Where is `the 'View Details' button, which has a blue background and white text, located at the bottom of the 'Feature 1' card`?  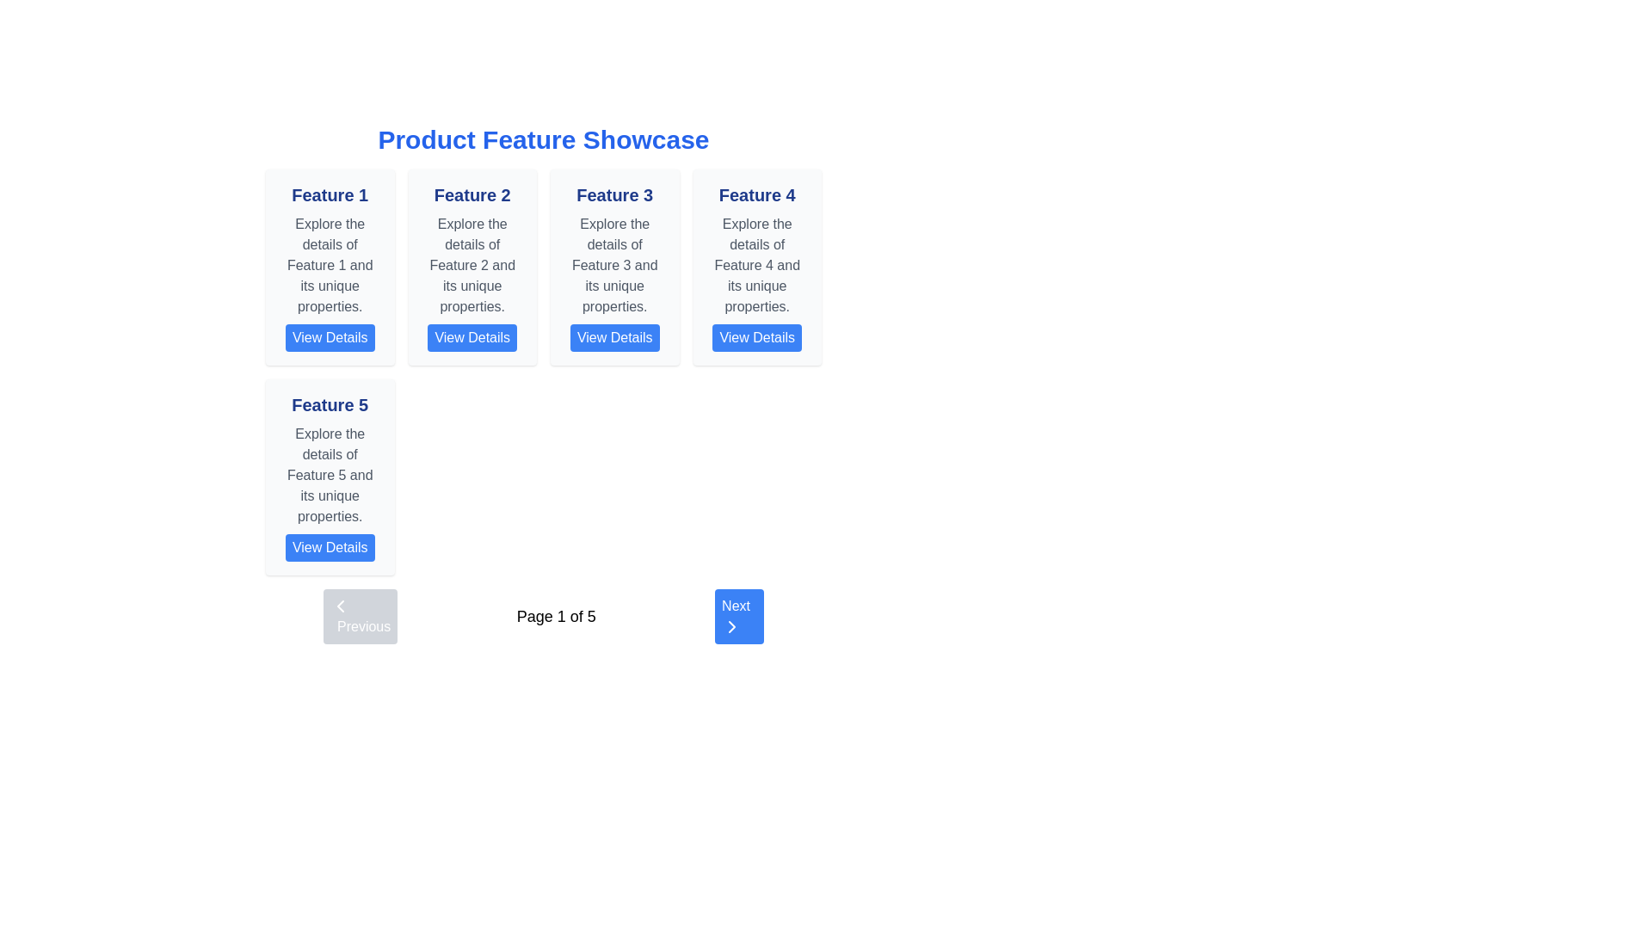
the 'View Details' button, which has a blue background and white text, located at the bottom of the 'Feature 1' card is located at coordinates (330, 338).